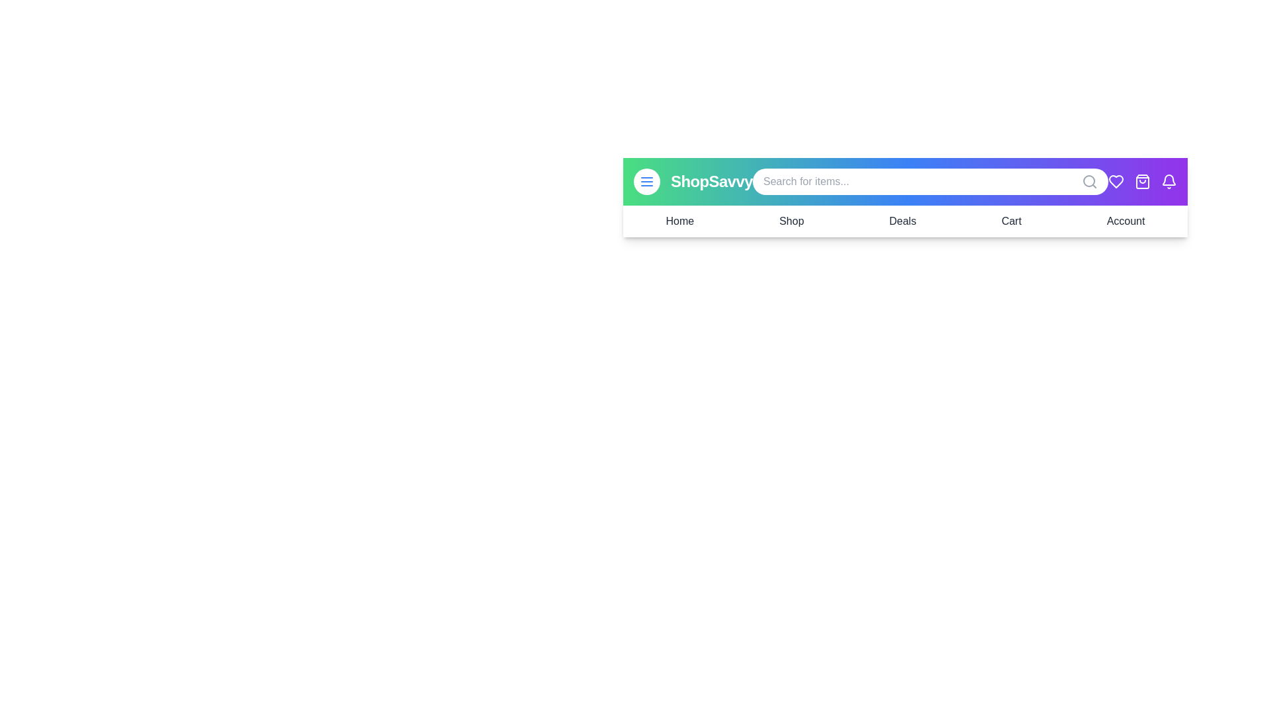 The height and width of the screenshot is (714, 1269). What do you see at coordinates (1011, 221) in the screenshot?
I see `the Cart link in the navigation bar` at bounding box center [1011, 221].